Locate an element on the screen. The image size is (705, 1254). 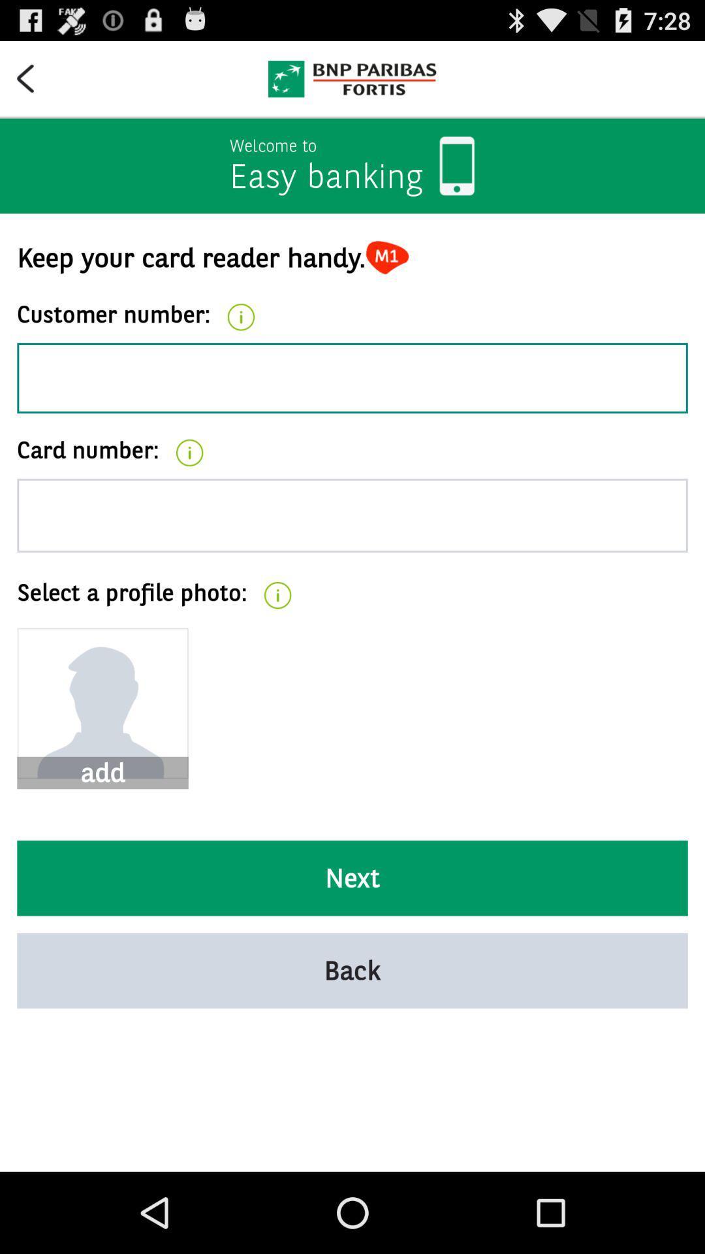
icon above back icon is located at coordinates (352, 878).